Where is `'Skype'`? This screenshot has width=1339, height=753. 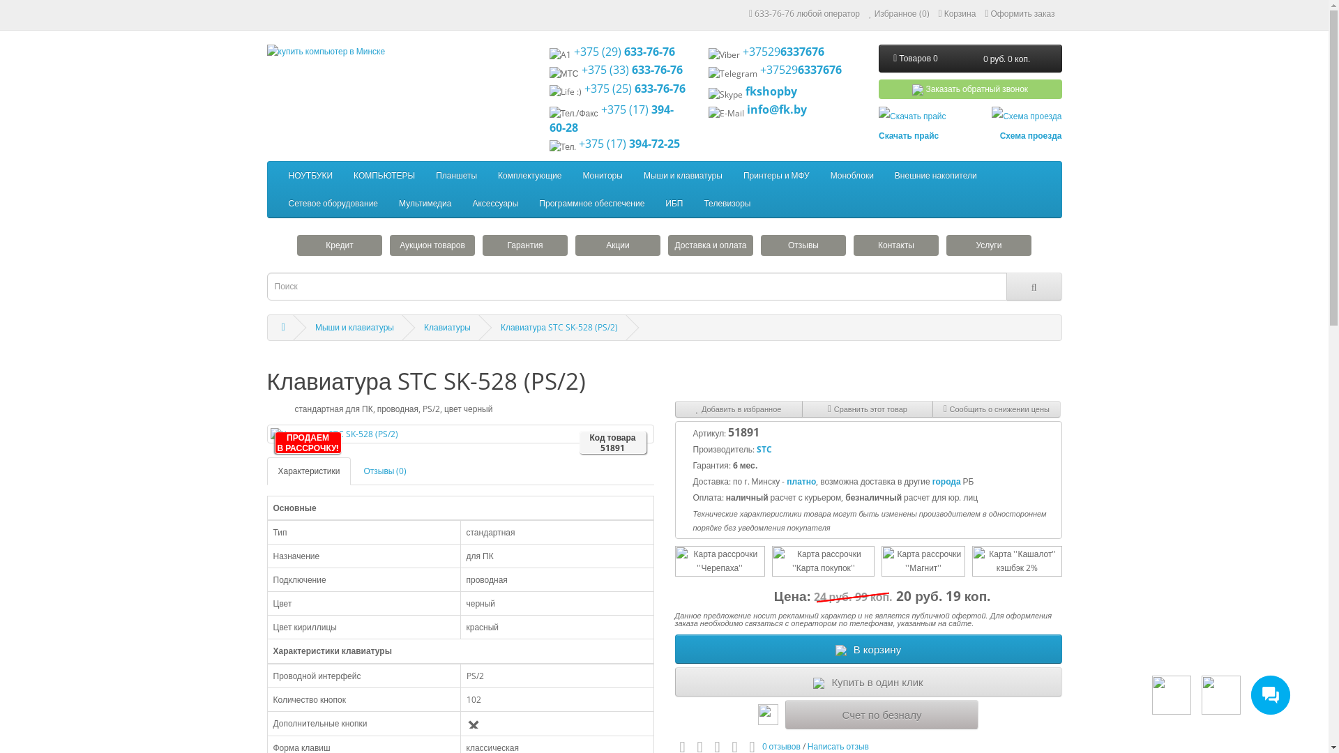
'Skype' is located at coordinates (725, 94).